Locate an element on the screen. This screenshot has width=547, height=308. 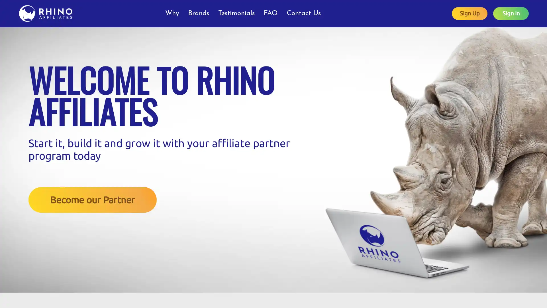
Sign Up is located at coordinates (470, 13).